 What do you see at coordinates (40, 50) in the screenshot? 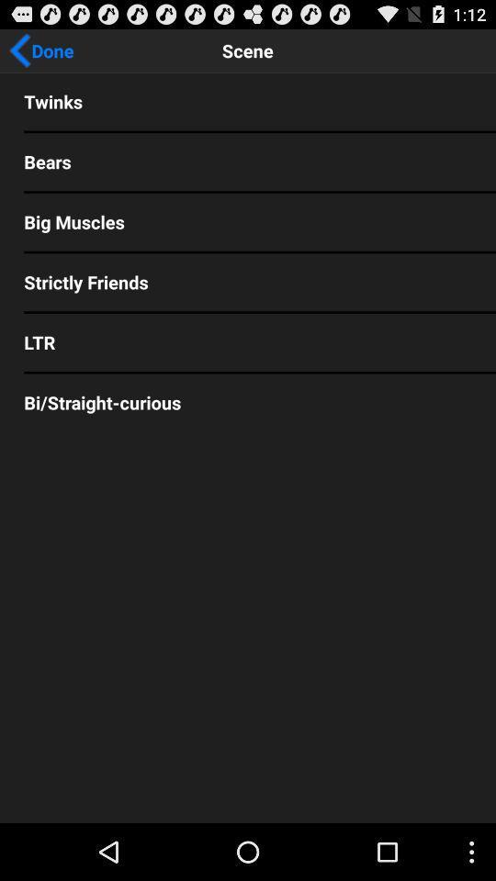
I see `the icon next to scene icon` at bounding box center [40, 50].